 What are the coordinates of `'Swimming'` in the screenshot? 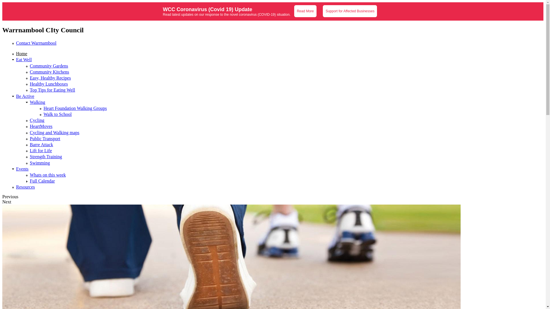 It's located at (40, 163).